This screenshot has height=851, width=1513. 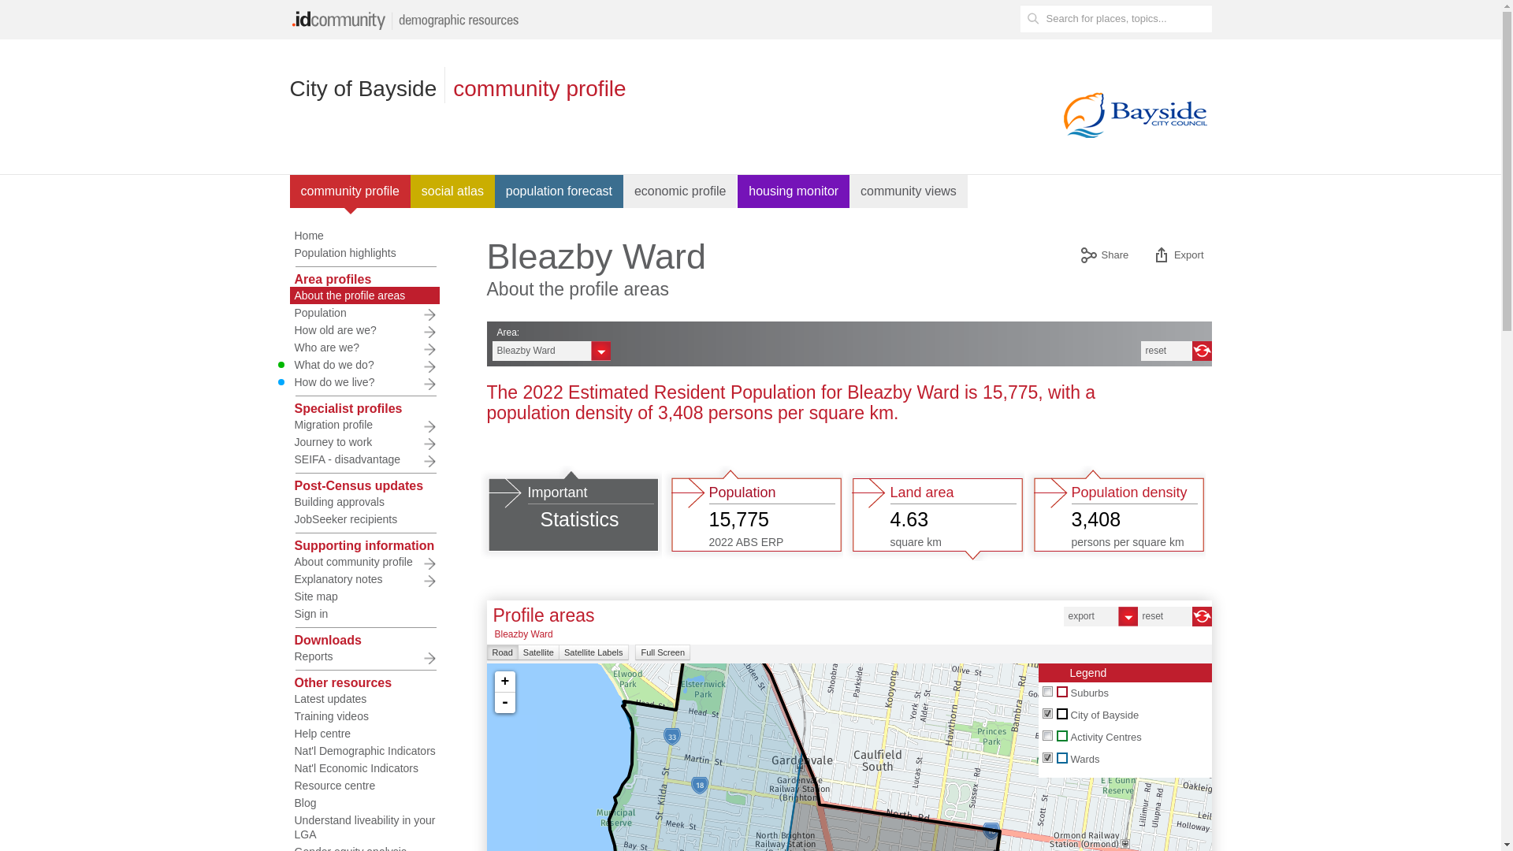 What do you see at coordinates (1103, 256) in the screenshot?
I see `'Share'` at bounding box center [1103, 256].